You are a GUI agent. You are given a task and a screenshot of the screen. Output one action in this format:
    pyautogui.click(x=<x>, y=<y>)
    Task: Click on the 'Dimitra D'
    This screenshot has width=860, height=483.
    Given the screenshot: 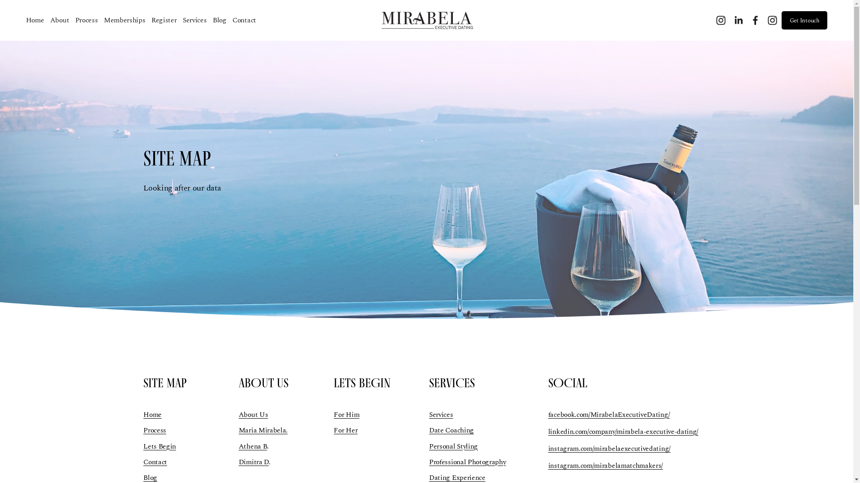 What is the action you would take?
    pyautogui.click(x=253, y=462)
    